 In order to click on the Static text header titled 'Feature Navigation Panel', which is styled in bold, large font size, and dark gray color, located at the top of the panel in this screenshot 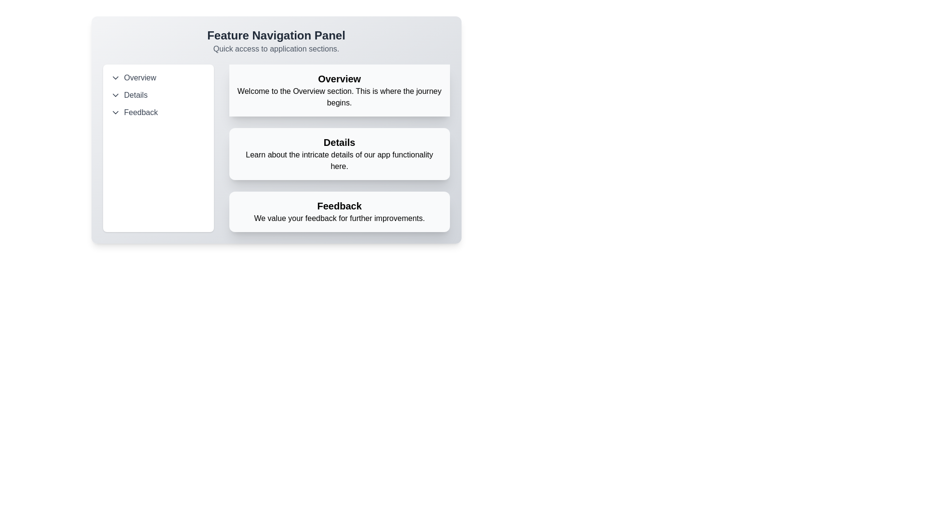, I will do `click(276, 35)`.